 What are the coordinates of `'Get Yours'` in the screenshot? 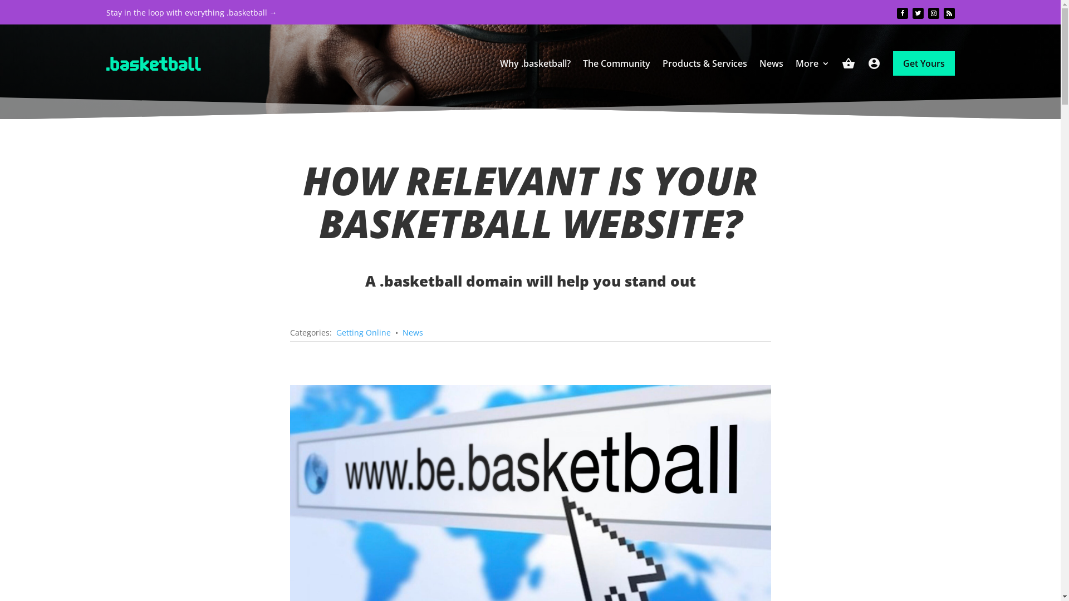 It's located at (924, 63).